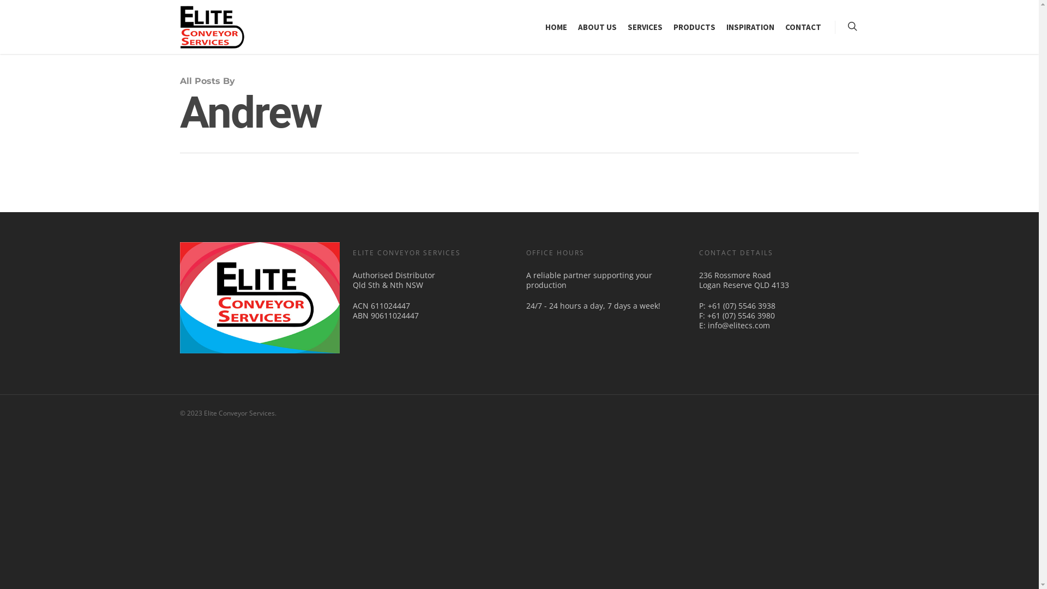 The image size is (1047, 589). Describe the element at coordinates (750, 29) in the screenshot. I see `'INSPIRATION'` at that location.